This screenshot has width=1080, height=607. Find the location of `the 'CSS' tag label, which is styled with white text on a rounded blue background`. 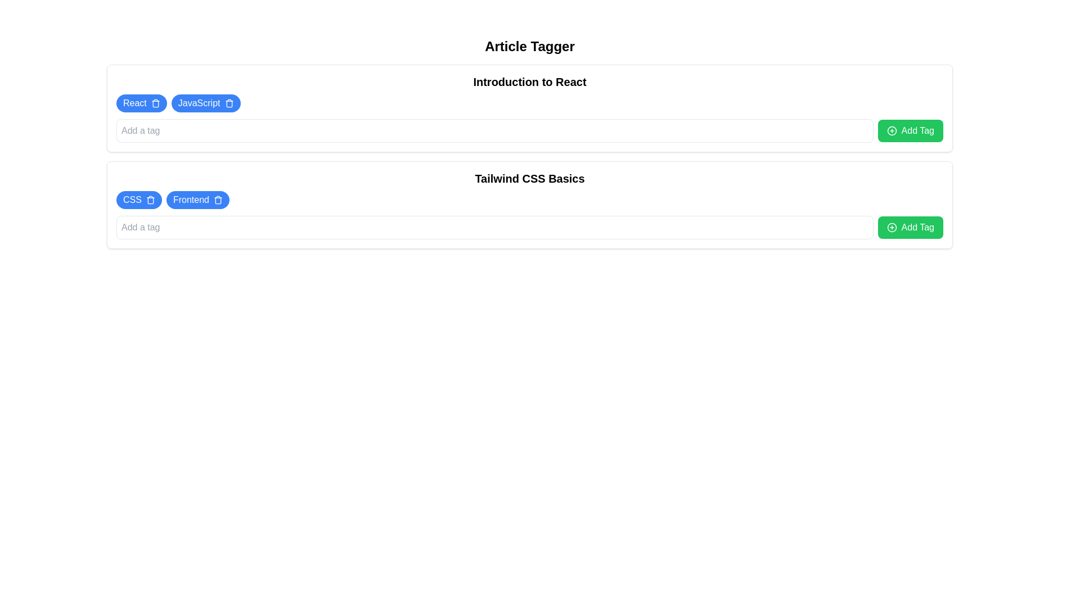

the 'CSS' tag label, which is styled with white text on a rounded blue background is located at coordinates (132, 199).